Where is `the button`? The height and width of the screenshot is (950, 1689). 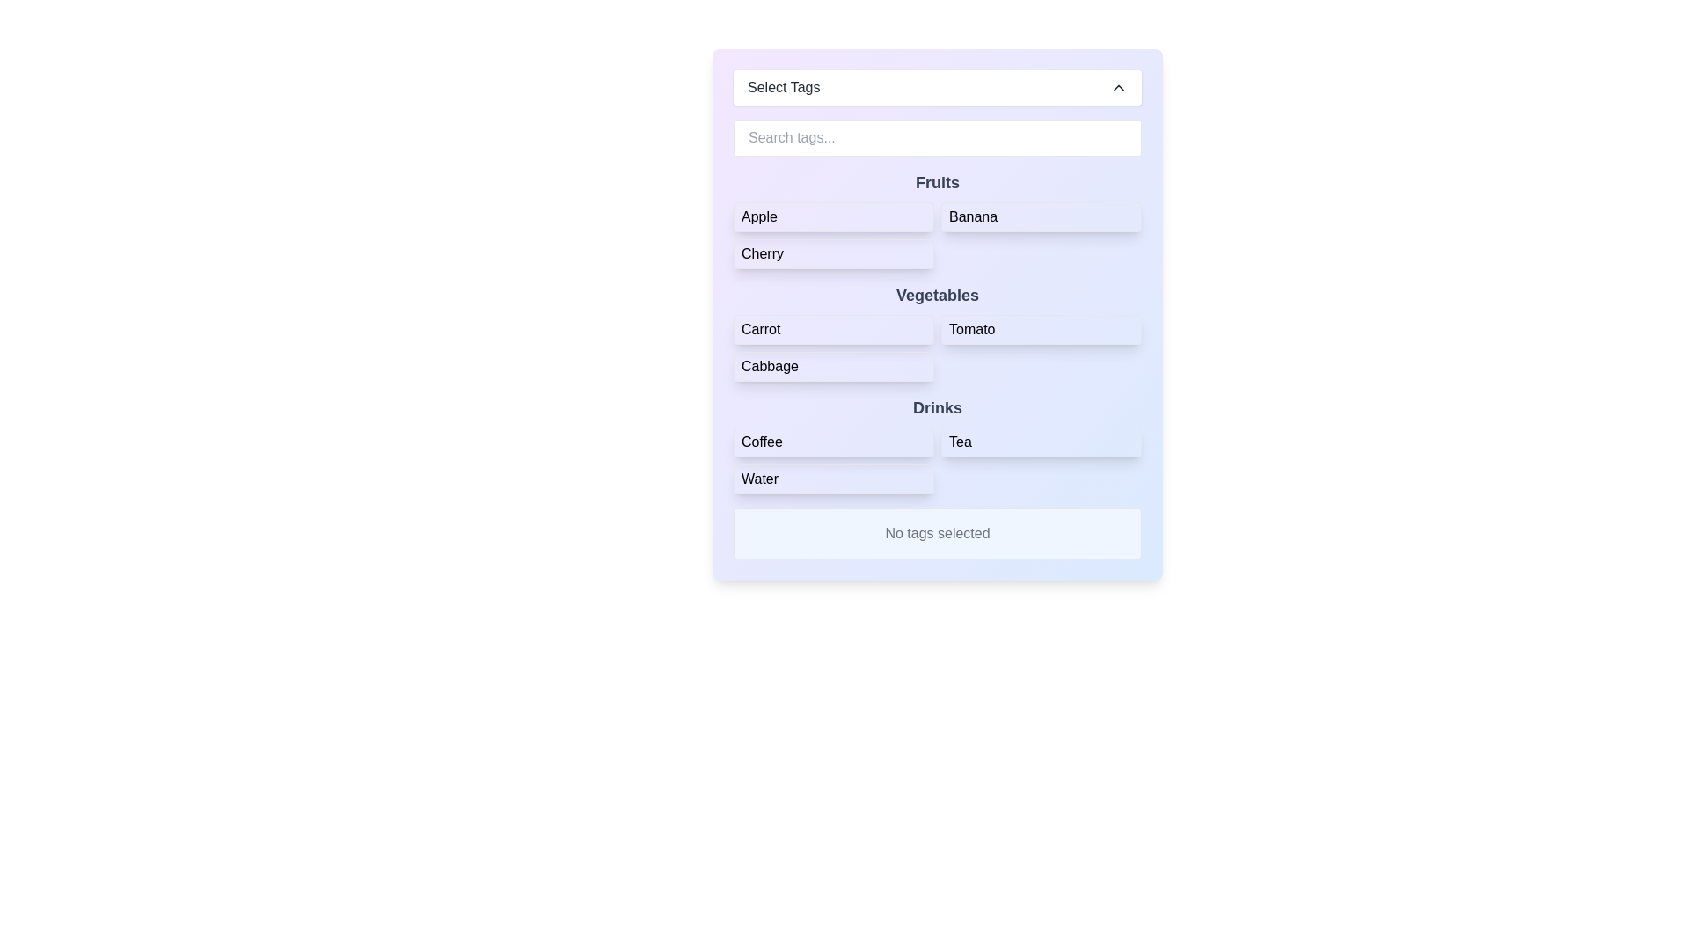 the button is located at coordinates (1042, 216).